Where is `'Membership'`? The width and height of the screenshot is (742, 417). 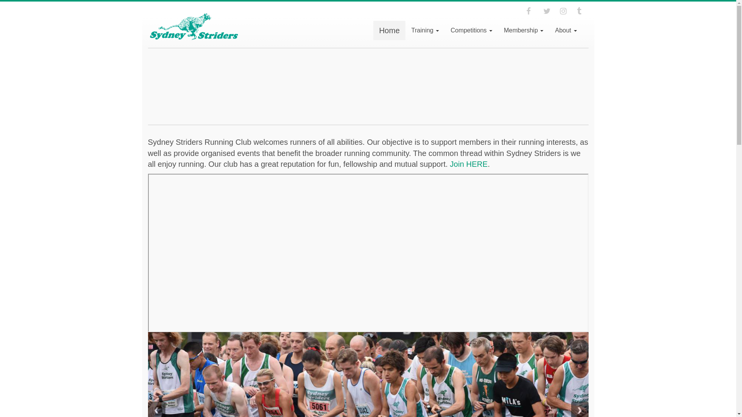 'Membership' is located at coordinates (498, 30).